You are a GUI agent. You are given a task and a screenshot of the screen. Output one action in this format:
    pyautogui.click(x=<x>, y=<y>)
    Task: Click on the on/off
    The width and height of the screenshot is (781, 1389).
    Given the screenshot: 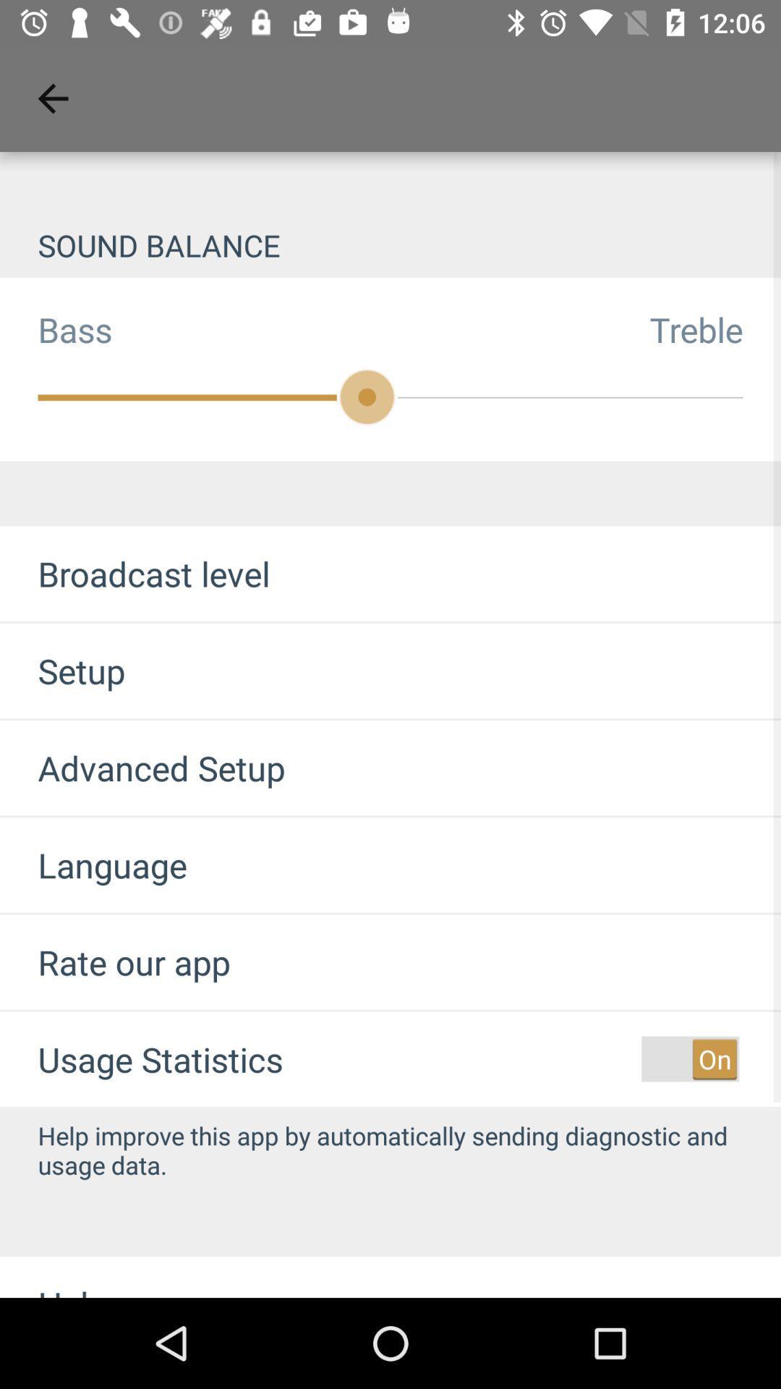 What is the action you would take?
    pyautogui.click(x=689, y=1059)
    